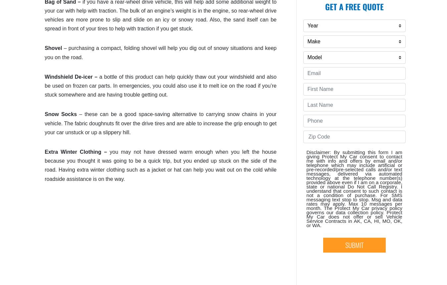  Describe the element at coordinates (77, 151) in the screenshot. I see `'Extra Winter Clothing –'` at that location.